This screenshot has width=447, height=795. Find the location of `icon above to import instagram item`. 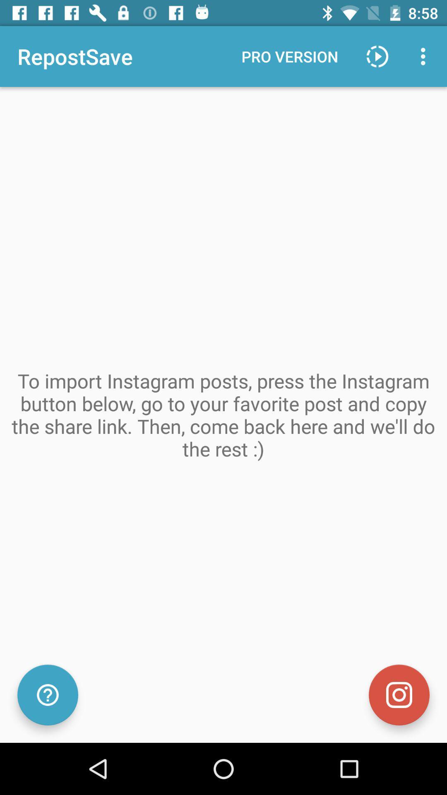

icon above to import instagram item is located at coordinates (425, 56).